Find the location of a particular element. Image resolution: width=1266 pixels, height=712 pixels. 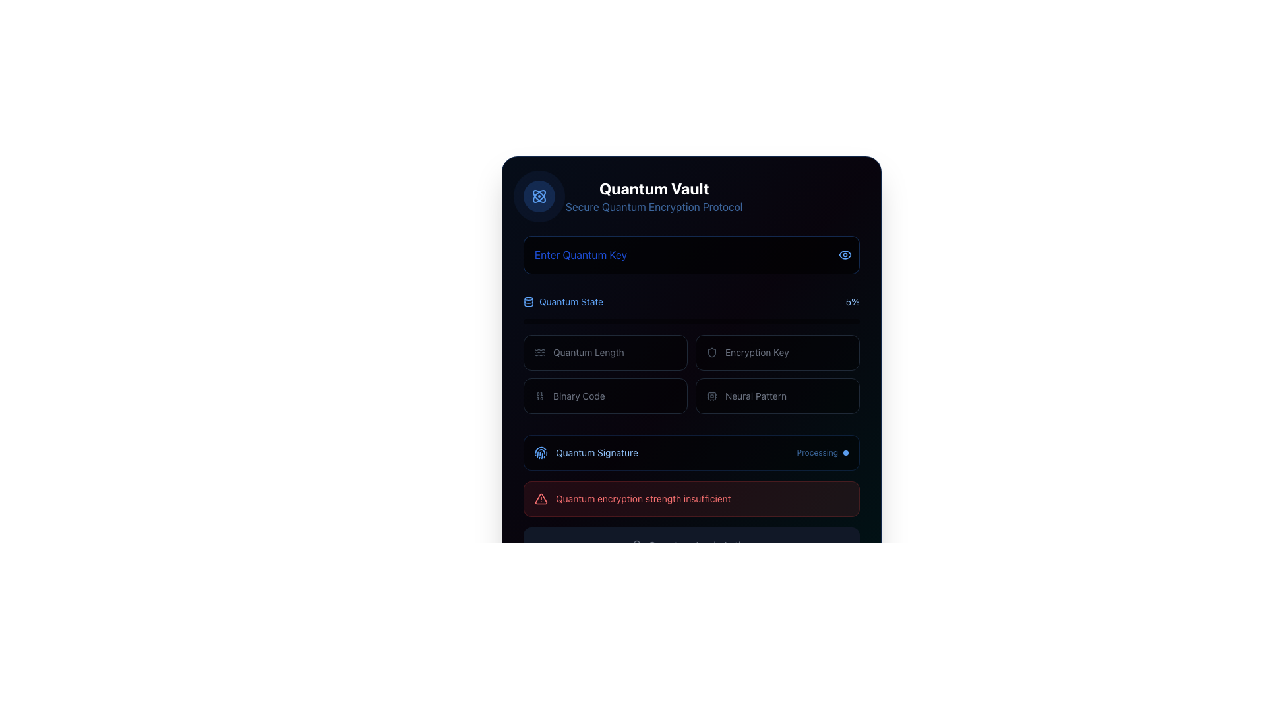

the 'Quantum State' label, which is a small blue text label in a sans-serif typeface located in the upper-middle section of the interface, slightly to the right of an accompanying icon is located at coordinates (571, 302).